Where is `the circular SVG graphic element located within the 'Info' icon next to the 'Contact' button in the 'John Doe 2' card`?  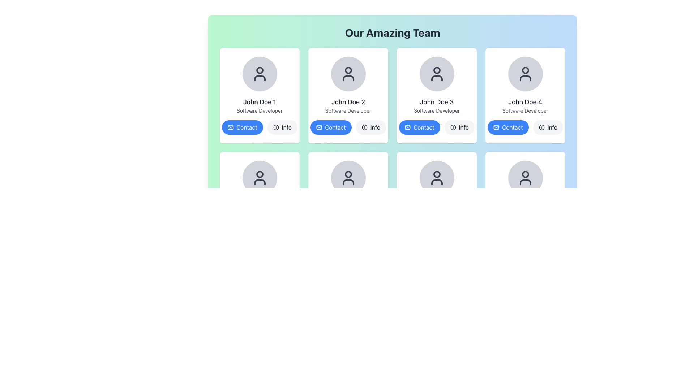
the circular SVG graphic element located within the 'Info' icon next to the 'Contact' button in the 'John Doe 2' card is located at coordinates (275, 127).